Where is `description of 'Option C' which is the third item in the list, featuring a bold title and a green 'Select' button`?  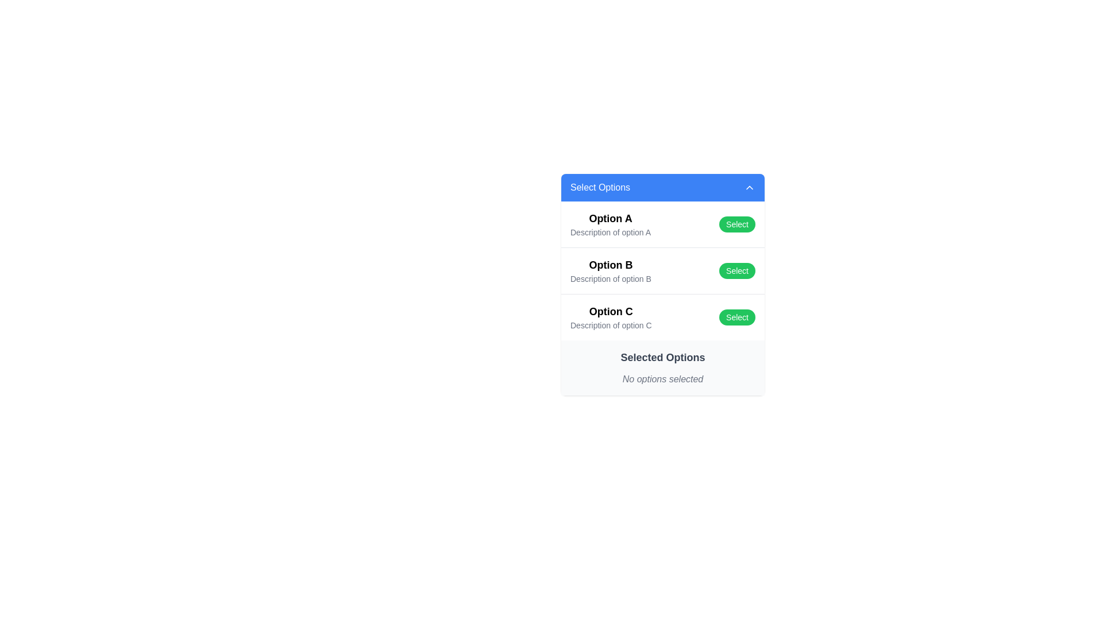
description of 'Option C' which is the third item in the list, featuring a bold title and a green 'Select' button is located at coordinates (662, 317).